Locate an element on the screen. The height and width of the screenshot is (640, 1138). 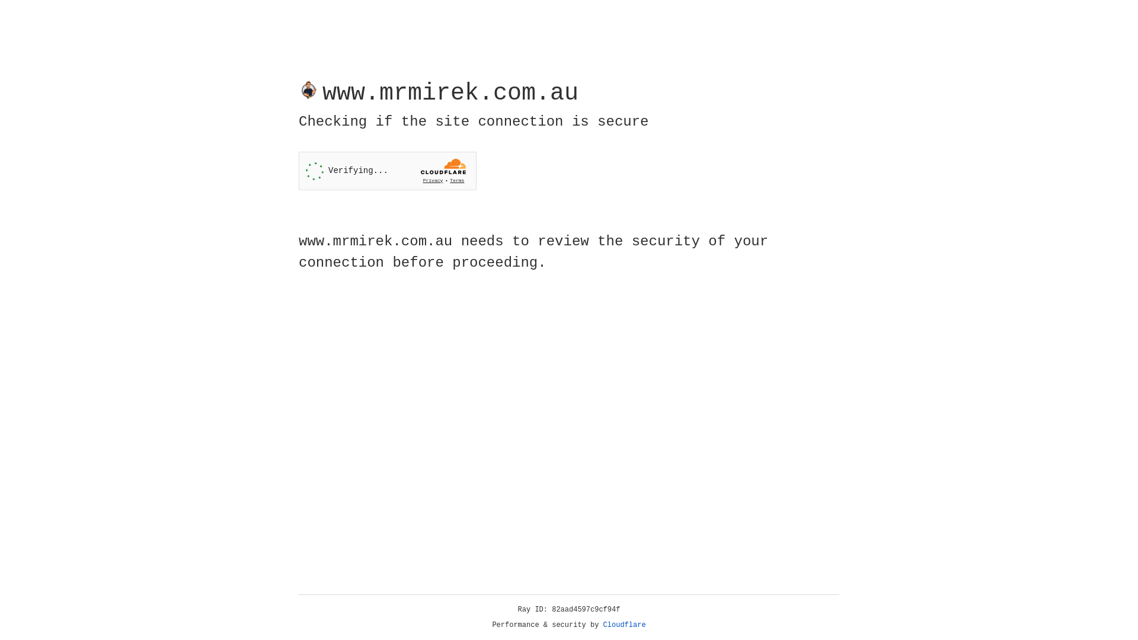
'Cloudflare' is located at coordinates (624, 625).